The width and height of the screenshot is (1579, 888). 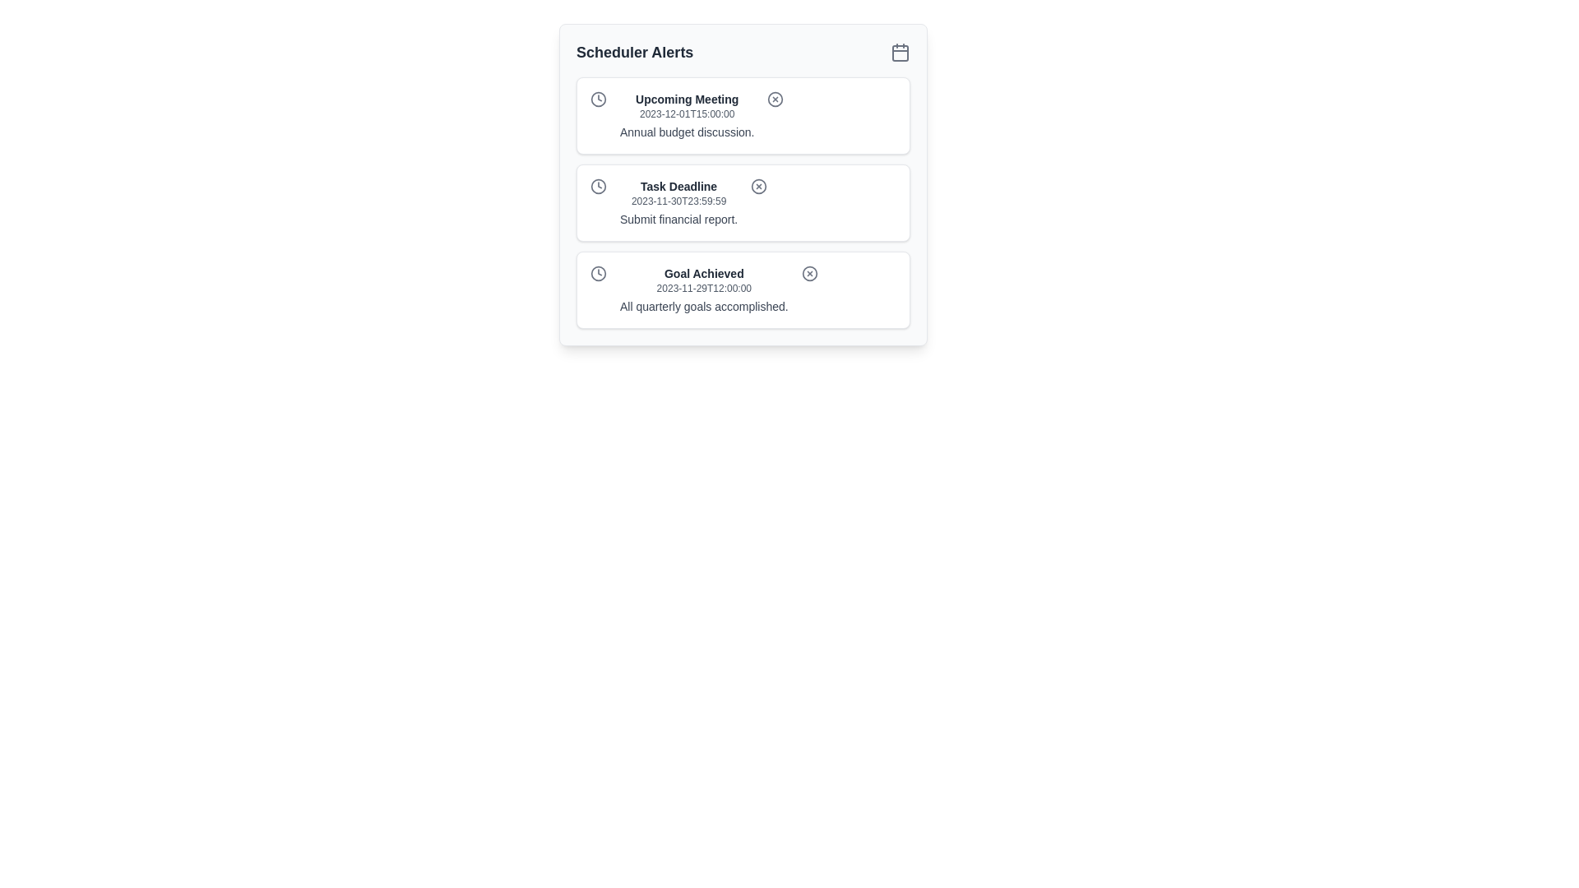 What do you see at coordinates (704, 289) in the screenshot?
I see `the Text Display Block that prominently features the heading 'Goal Achieved', with a timestamp and a descriptive line below it, located in the scheduler alerts panel` at bounding box center [704, 289].